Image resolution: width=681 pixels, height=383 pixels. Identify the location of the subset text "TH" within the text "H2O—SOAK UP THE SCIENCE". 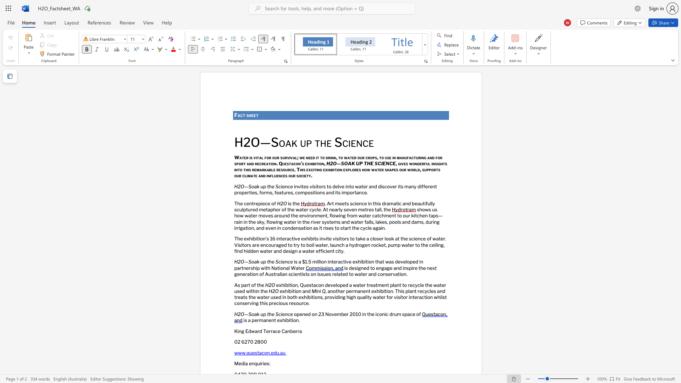
(364, 163).